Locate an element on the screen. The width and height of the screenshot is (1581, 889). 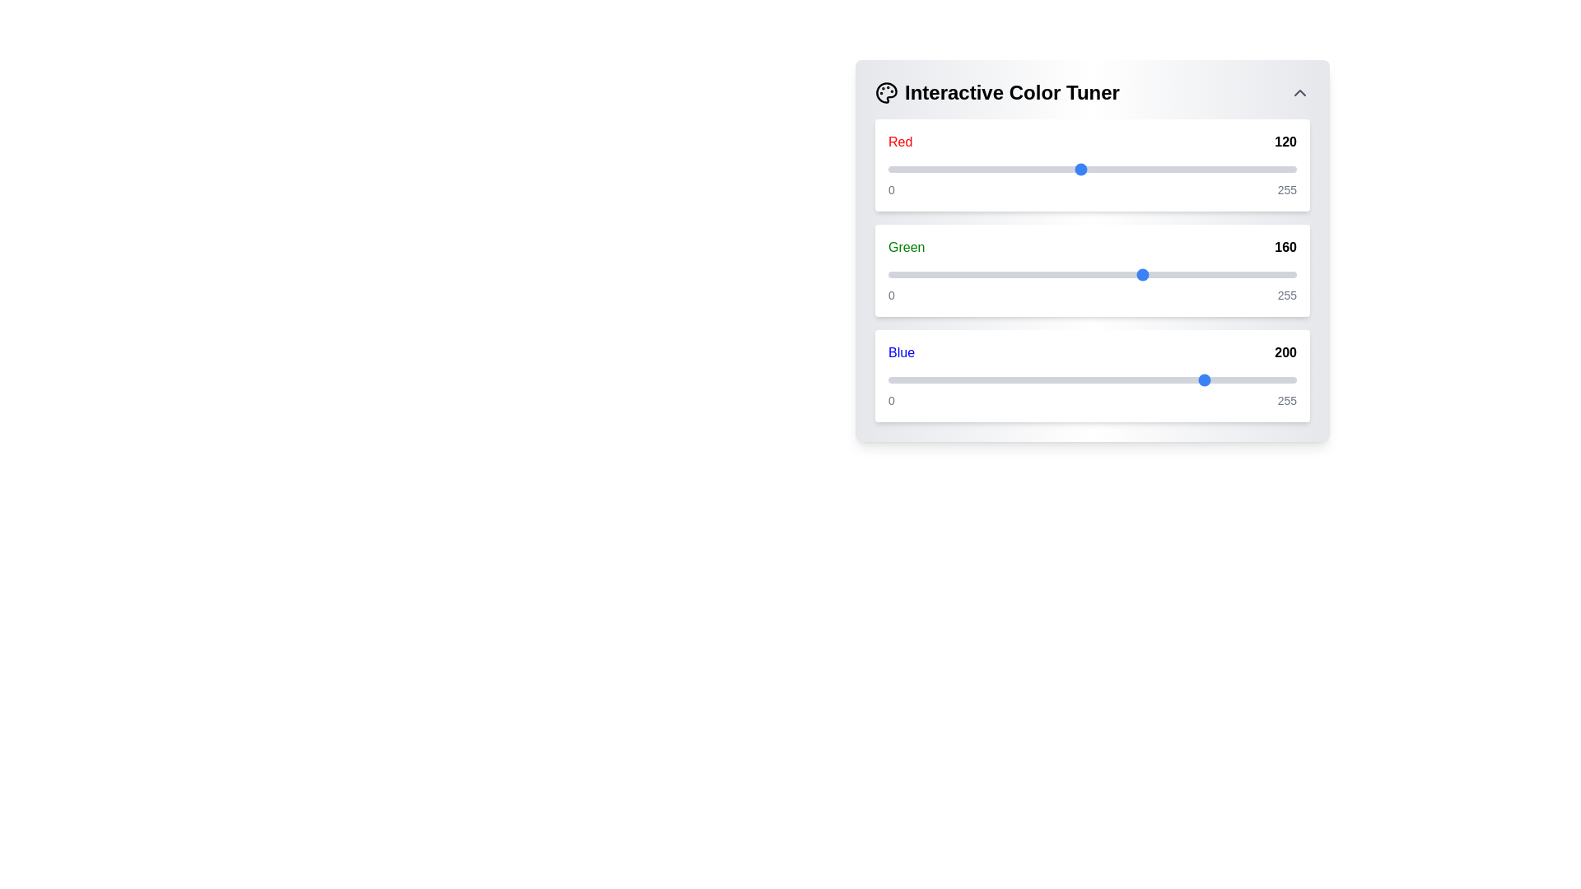
the Green slider of the Interactive Color Tuner is located at coordinates (1092, 269).